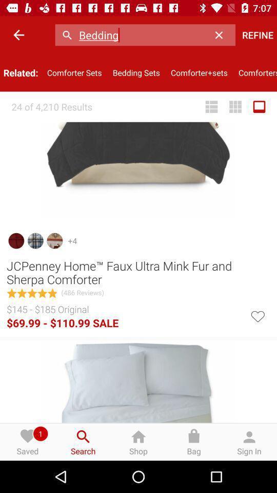  What do you see at coordinates (18, 35) in the screenshot?
I see `the icon next to comforter sets icon` at bounding box center [18, 35].